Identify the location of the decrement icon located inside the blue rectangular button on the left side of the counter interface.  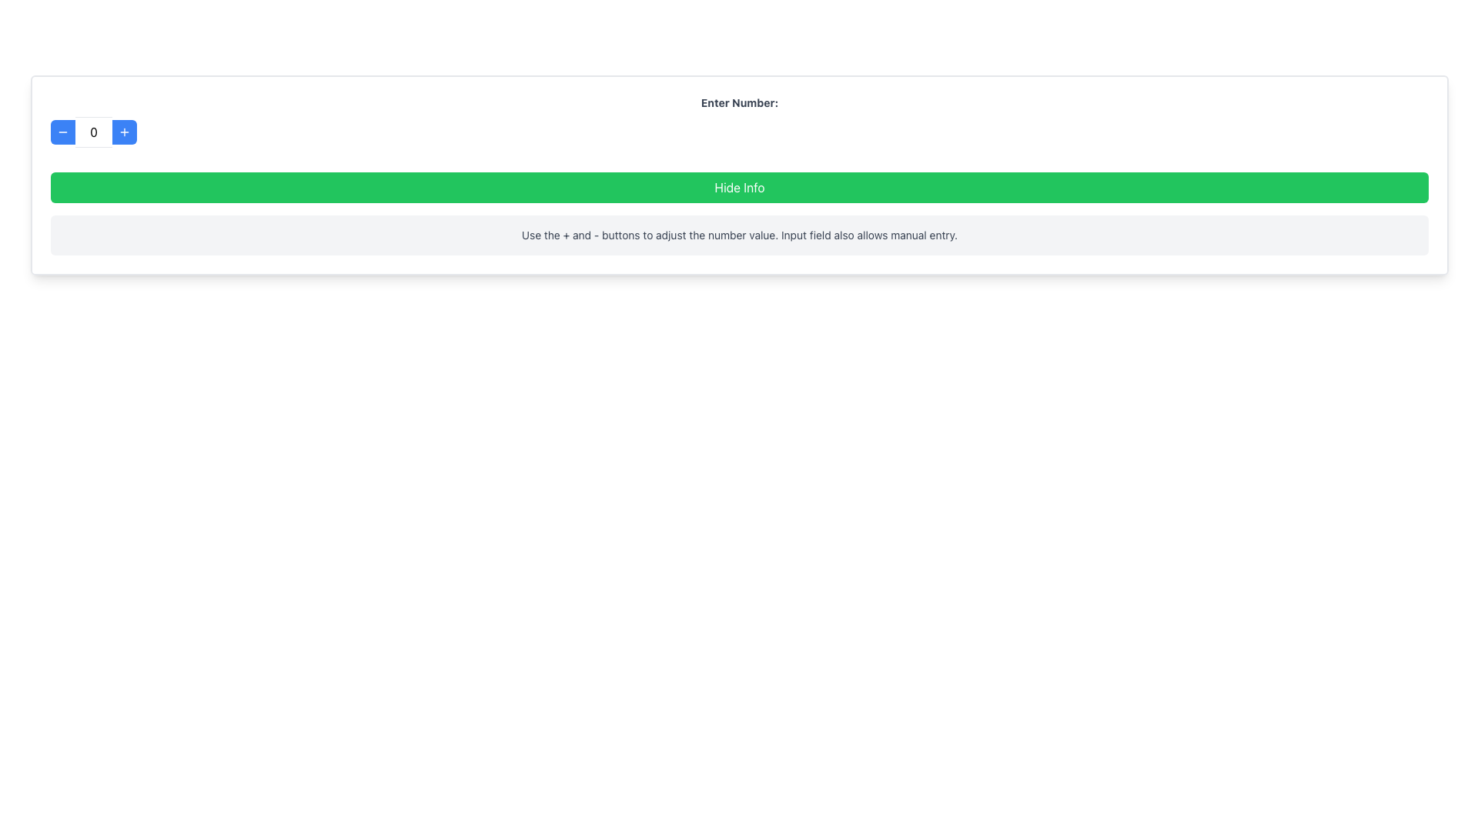
(62, 132).